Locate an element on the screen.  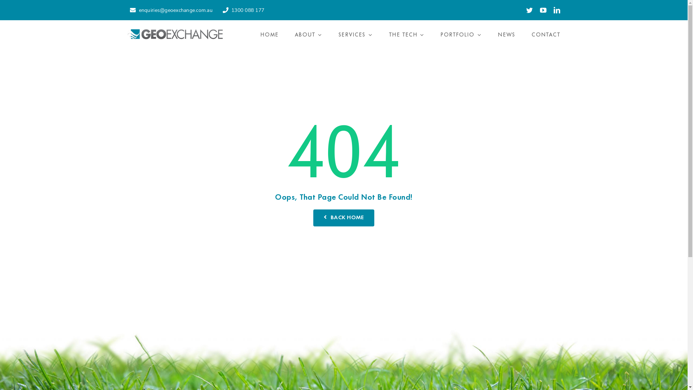
'ABOUT' is located at coordinates (295, 35).